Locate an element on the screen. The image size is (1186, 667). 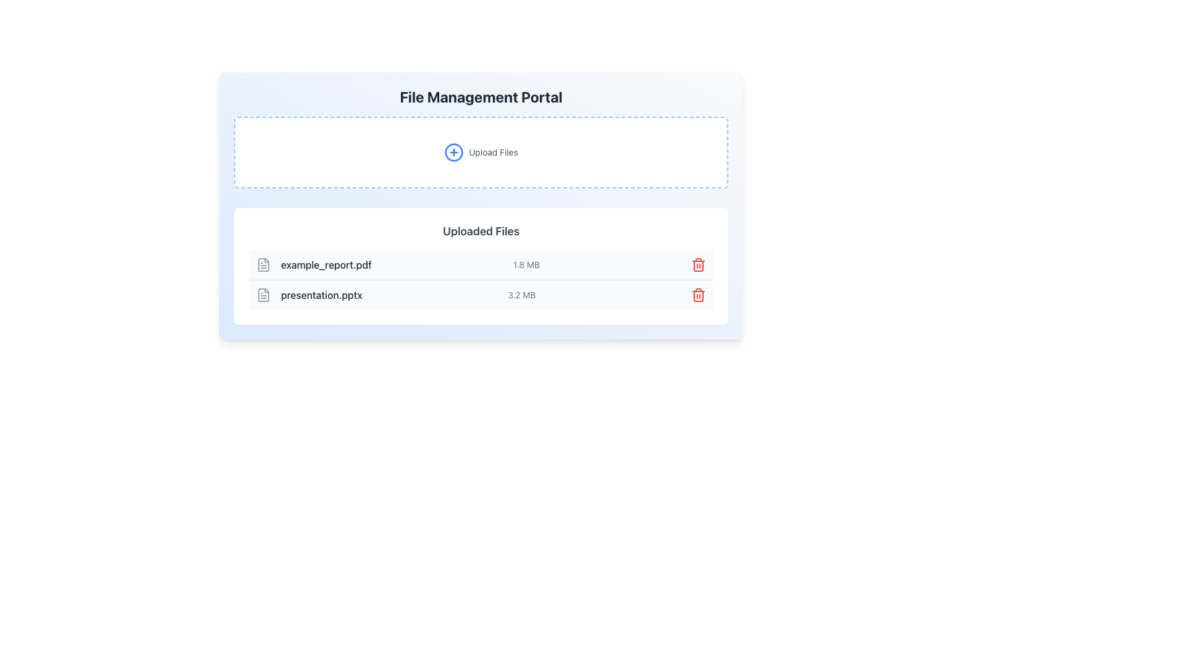
the text label displaying the filename 'example_report.pdf', which is styled with medium font weight and dark gray color, located as the first filename under the 'Uploaded Files' section is located at coordinates (326, 264).